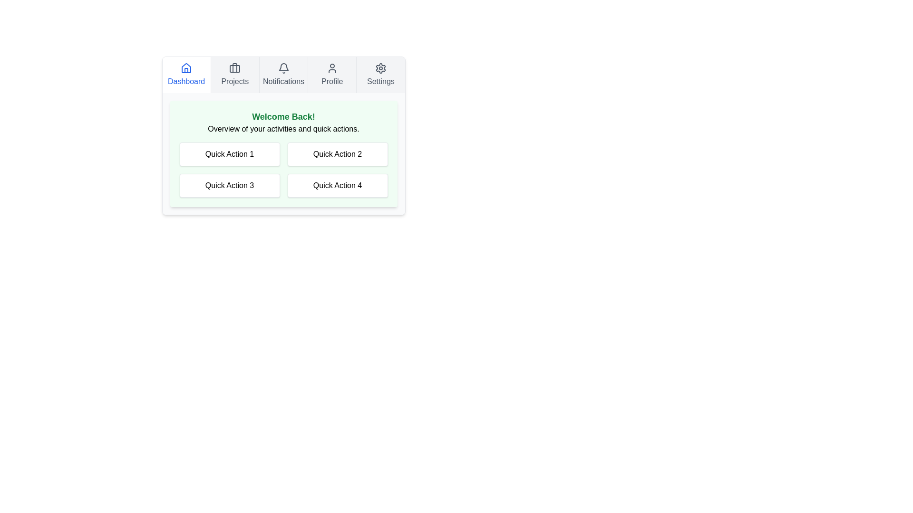 Image resolution: width=913 pixels, height=513 pixels. What do you see at coordinates (186, 75) in the screenshot?
I see `the navigation item located at the top-left region of the interface, which serves as a link to the dashboard or home section of the application` at bounding box center [186, 75].